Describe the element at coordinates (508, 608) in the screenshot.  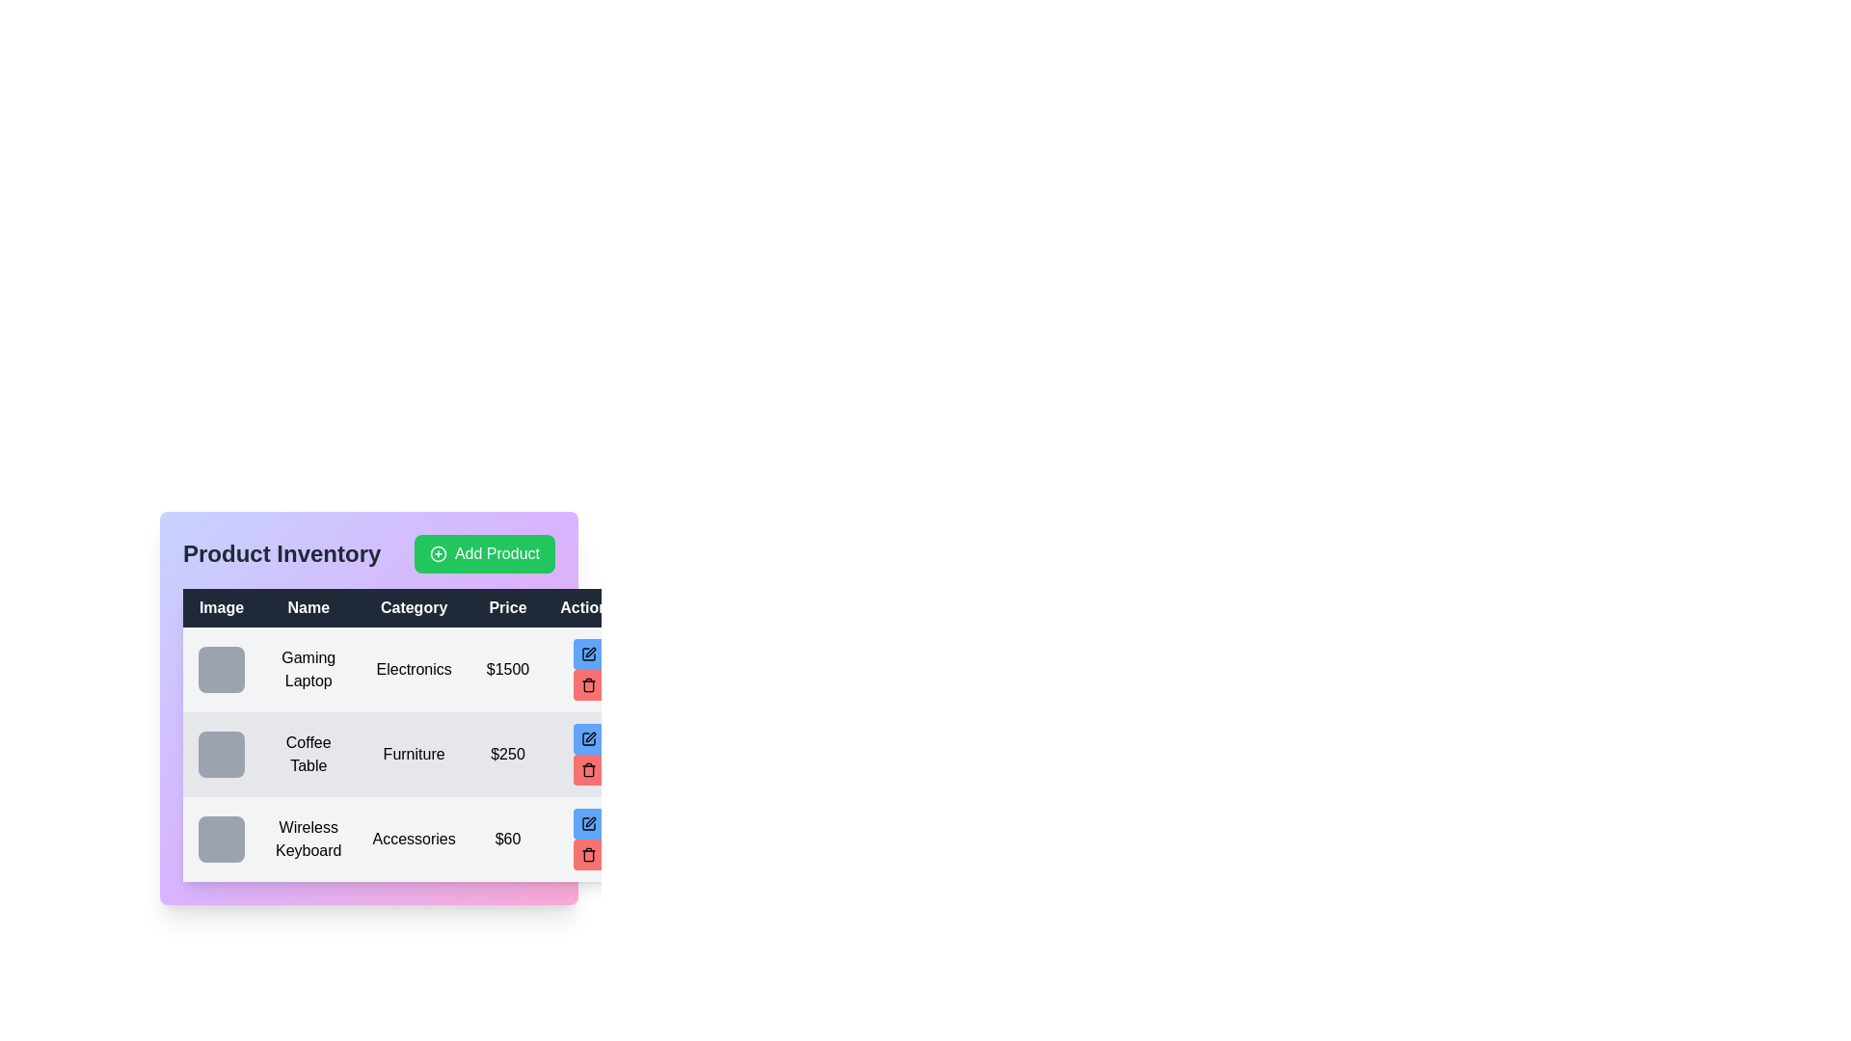
I see `the text label displaying 'Price' in the header row, which is styled with padding and has a dark background with white text` at that location.